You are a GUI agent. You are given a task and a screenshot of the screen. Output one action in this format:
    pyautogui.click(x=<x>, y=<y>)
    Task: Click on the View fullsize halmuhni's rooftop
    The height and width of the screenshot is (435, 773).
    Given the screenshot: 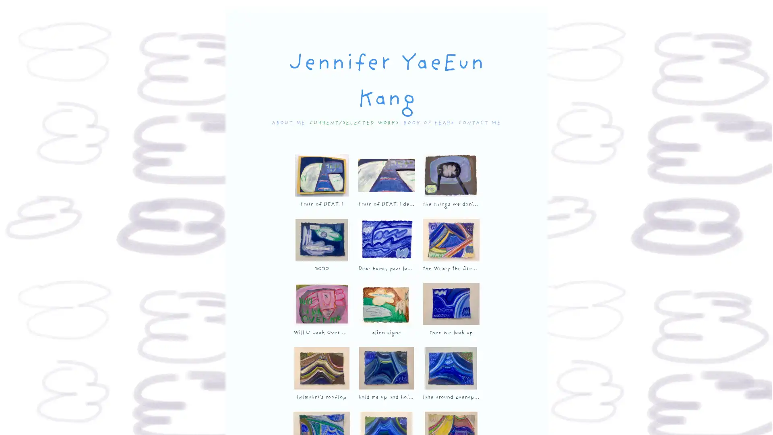 What is the action you would take?
    pyautogui.click(x=321, y=368)
    